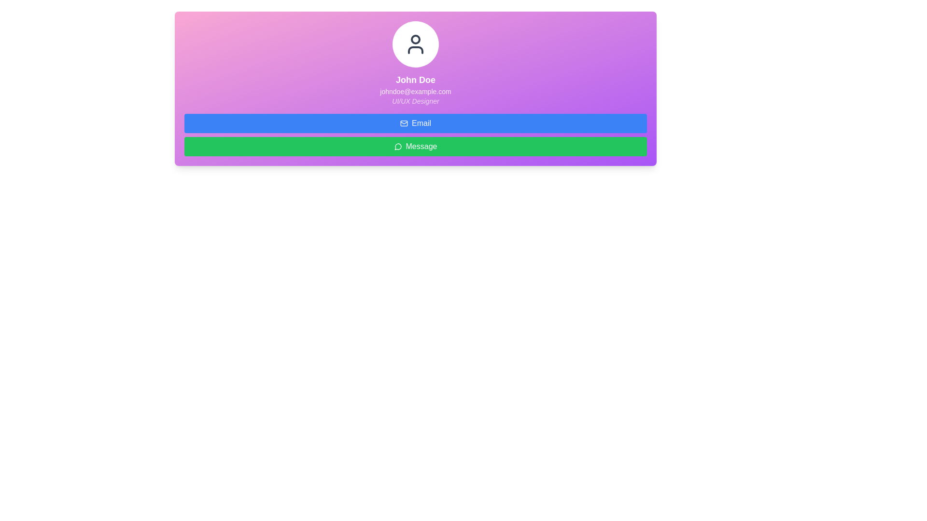 This screenshot has width=927, height=521. Describe the element at coordinates (404, 123) in the screenshot. I see `the decorative graphical element representing the envelope, which is part of the envelope icon located near the center of the blue button labeled 'Email'` at that location.